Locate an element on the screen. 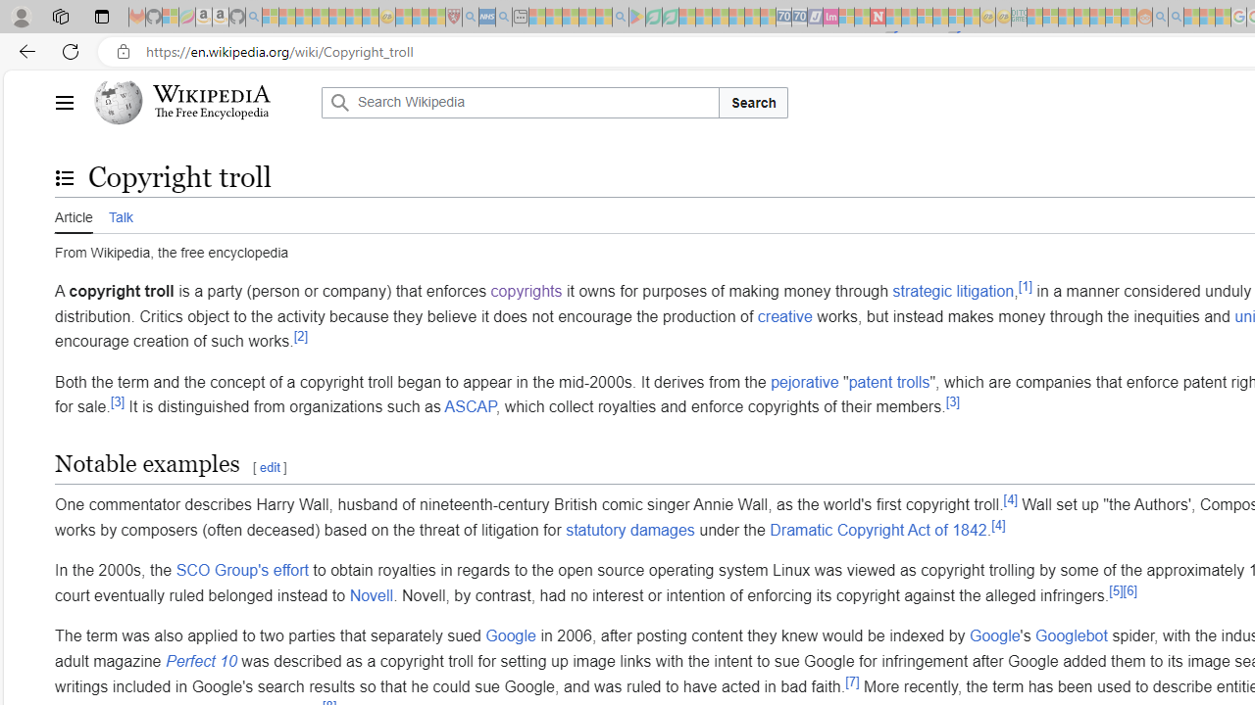 This screenshot has width=1255, height=705. 'Googlebot' is located at coordinates (1071, 635).